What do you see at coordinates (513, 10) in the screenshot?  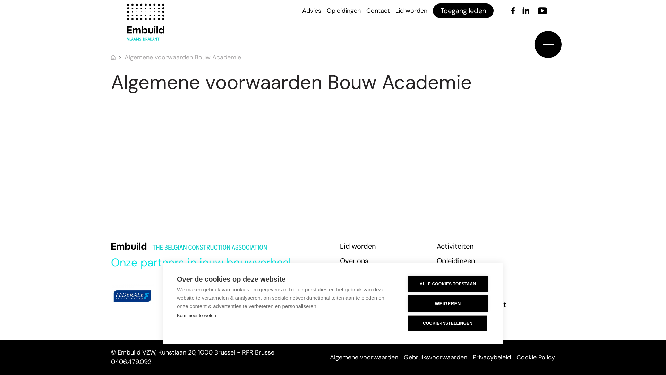 I see `'Facebook'` at bounding box center [513, 10].